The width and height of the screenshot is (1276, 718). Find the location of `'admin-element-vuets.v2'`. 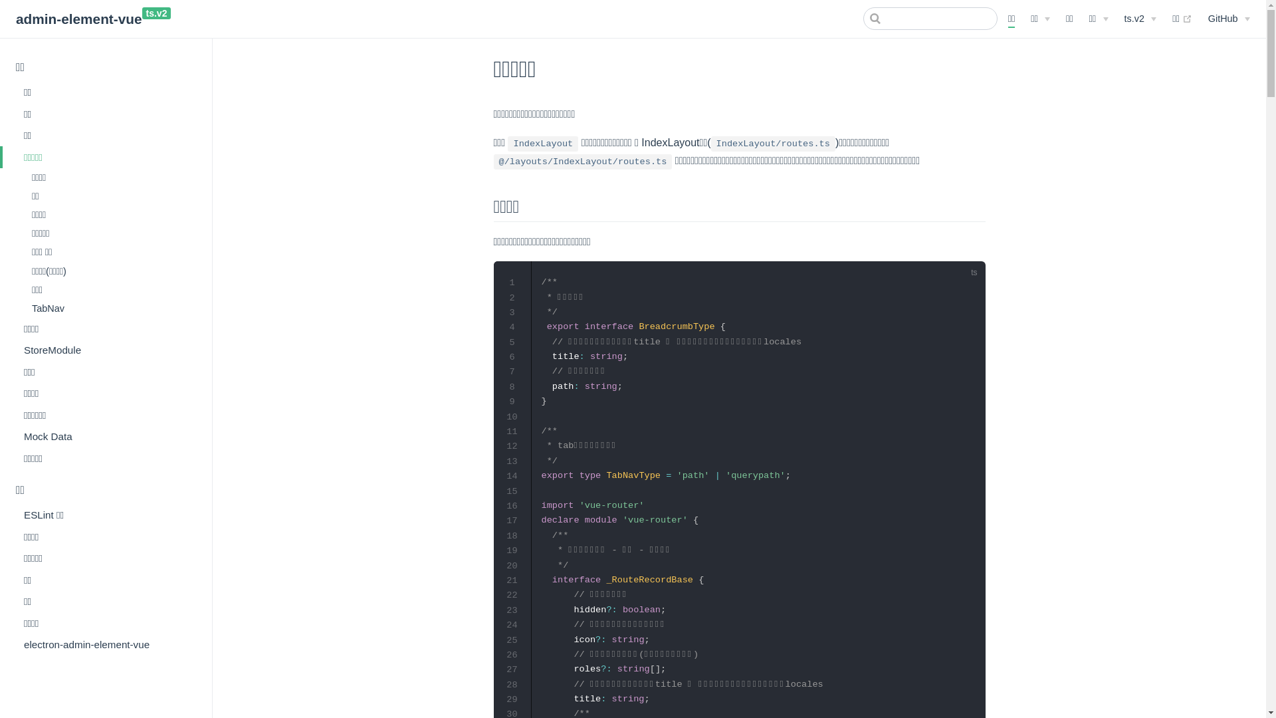

'admin-element-vuets.v2' is located at coordinates (16, 19).